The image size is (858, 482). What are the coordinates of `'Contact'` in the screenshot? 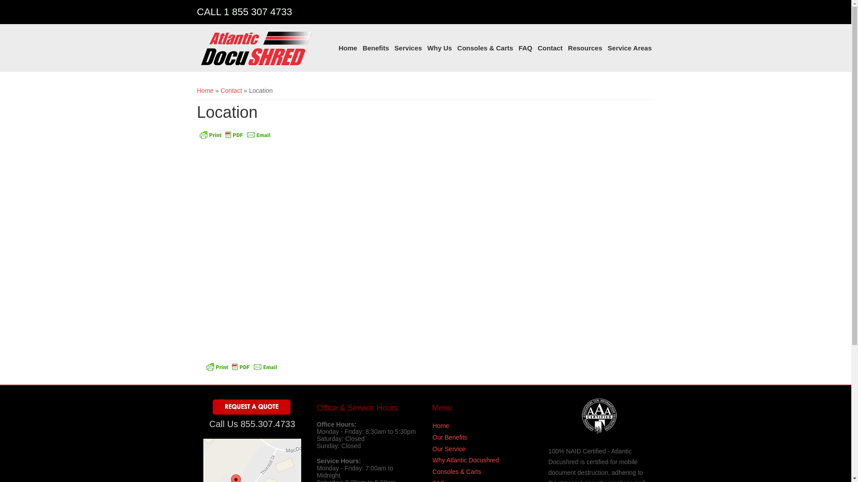 It's located at (231, 91).